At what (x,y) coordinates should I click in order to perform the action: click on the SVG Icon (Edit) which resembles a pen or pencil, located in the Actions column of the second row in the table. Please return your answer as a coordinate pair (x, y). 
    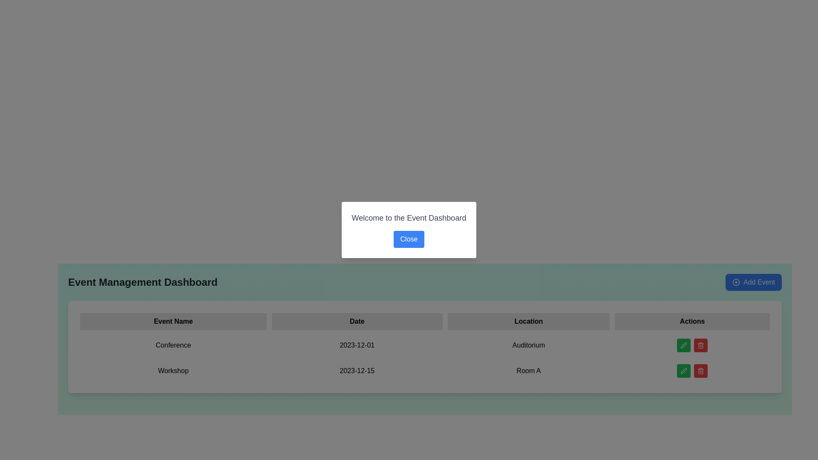
    Looking at the image, I should click on (684, 345).